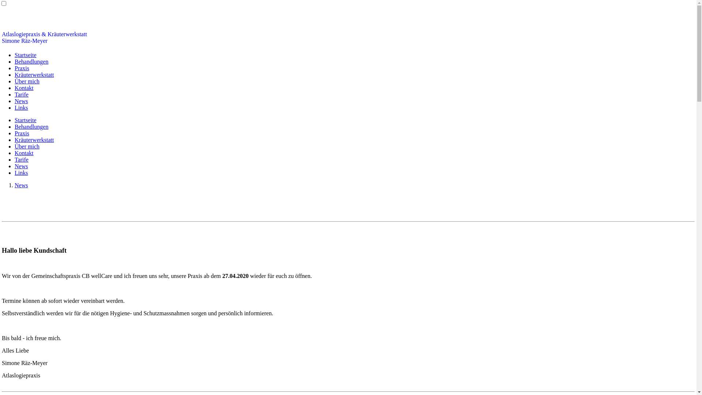 Image resolution: width=702 pixels, height=395 pixels. Describe the element at coordinates (14, 173) in the screenshot. I see `'Links'` at that location.